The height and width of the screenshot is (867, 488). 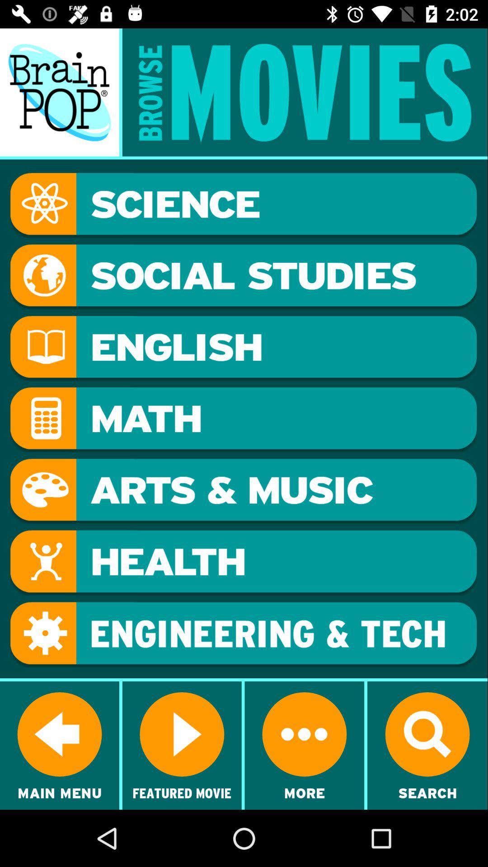 I want to click on browse math, so click(x=243, y=420).